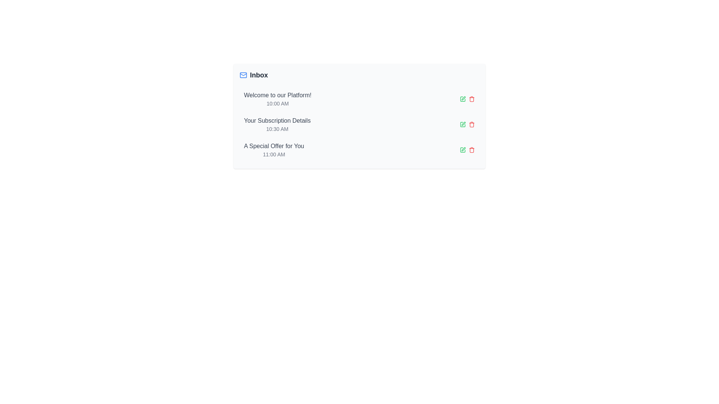 The image size is (719, 404). What do you see at coordinates (463, 98) in the screenshot?
I see `the editing icon located in the far right section of the first row of the Inbox interface` at bounding box center [463, 98].